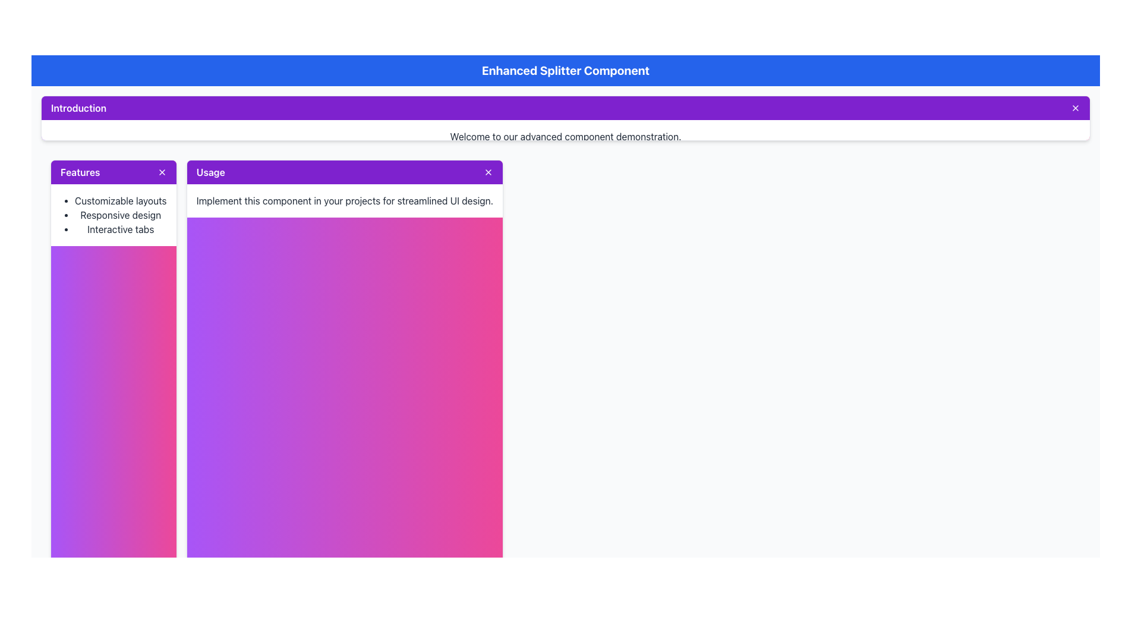 This screenshot has width=1141, height=642. What do you see at coordinates (121, 229) in the screenshot?
I see `the third entry in the Features list, which describes the interactive tabs feature` at bounding box center [121, 229].